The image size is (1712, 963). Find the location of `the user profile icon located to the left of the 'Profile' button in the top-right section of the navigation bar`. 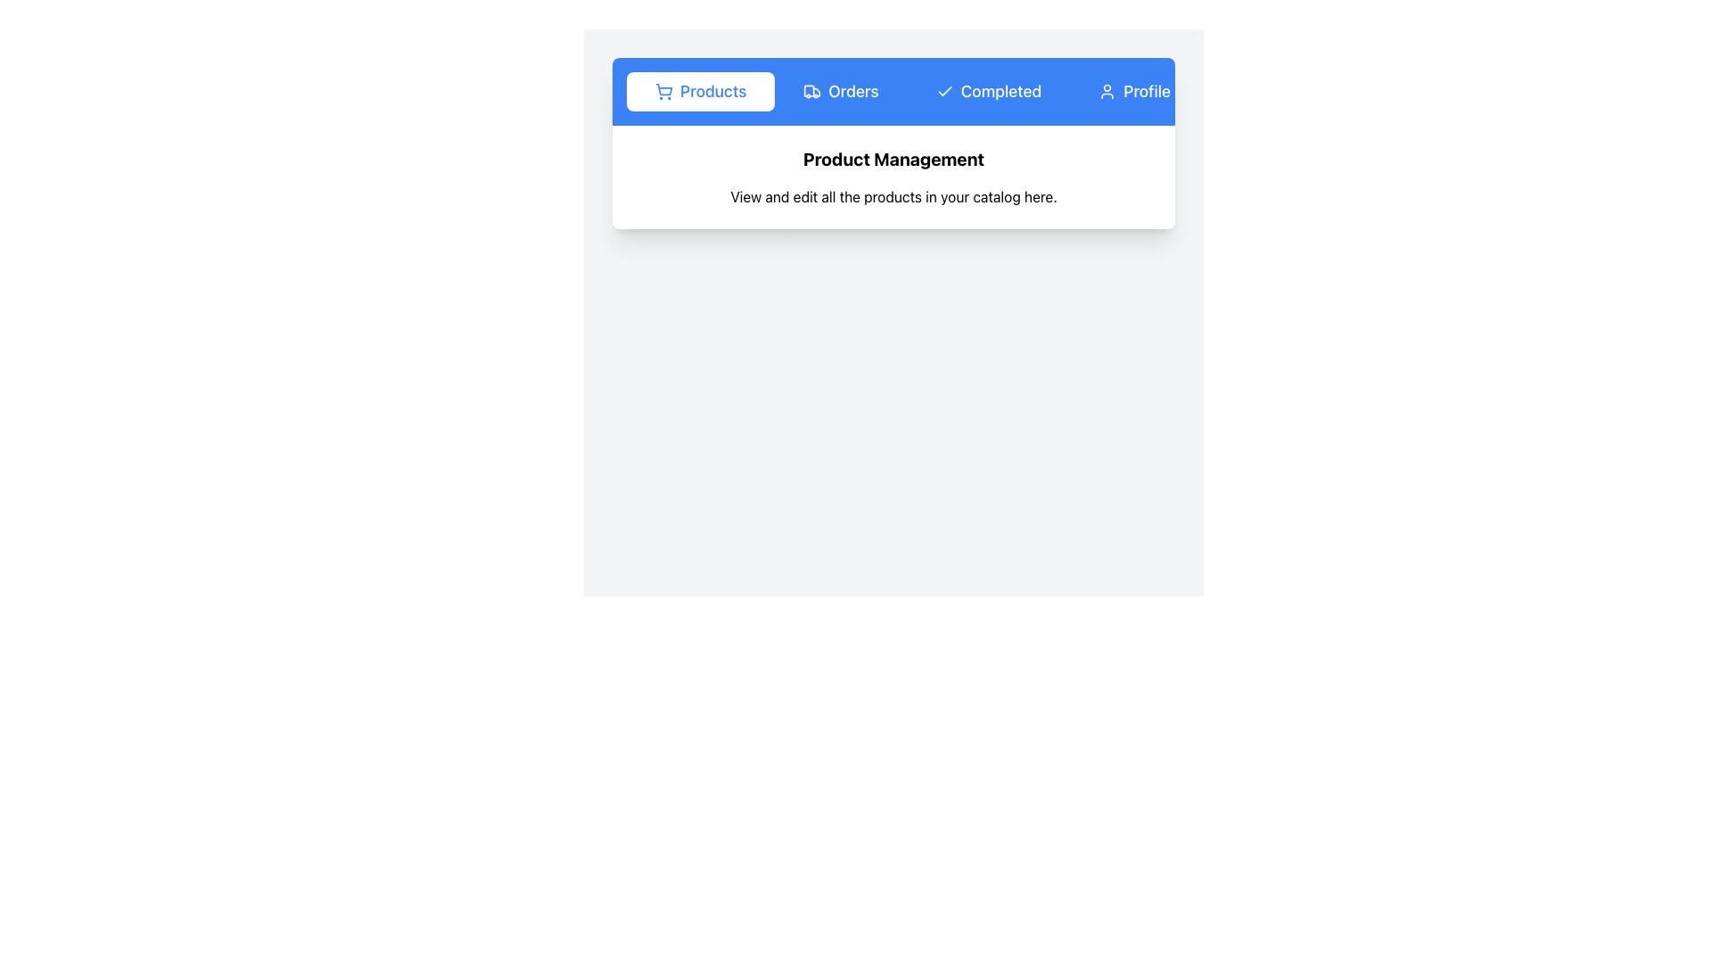

the user profile icon located to the left of the 'Profile' button in the top-right section of the navigation bar is located at coordinates (1107, 92).